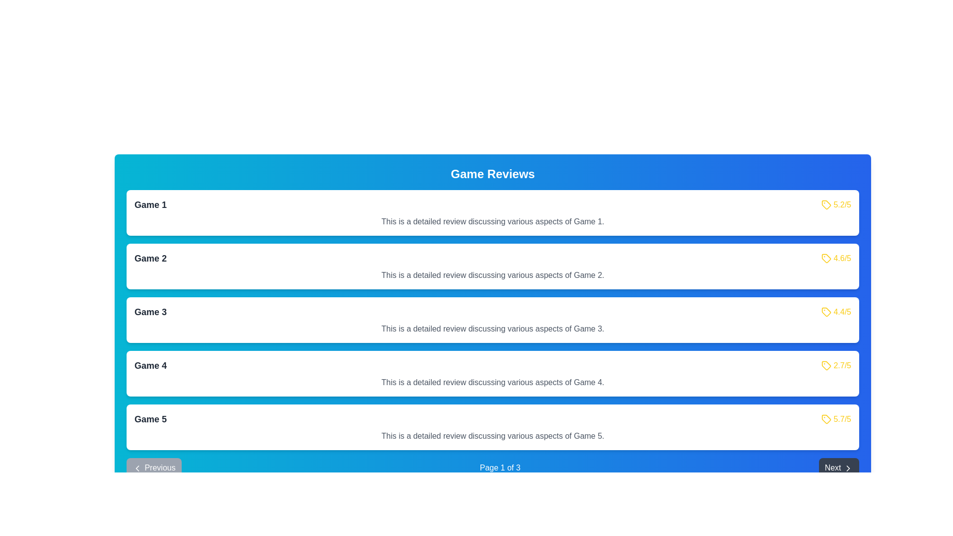 The height and width of the screenshot is (536, 953). I want to click on the primary icon in the rating section of the fifth game review row, located in the bottom-right corner of the interface, so click(826, 419).